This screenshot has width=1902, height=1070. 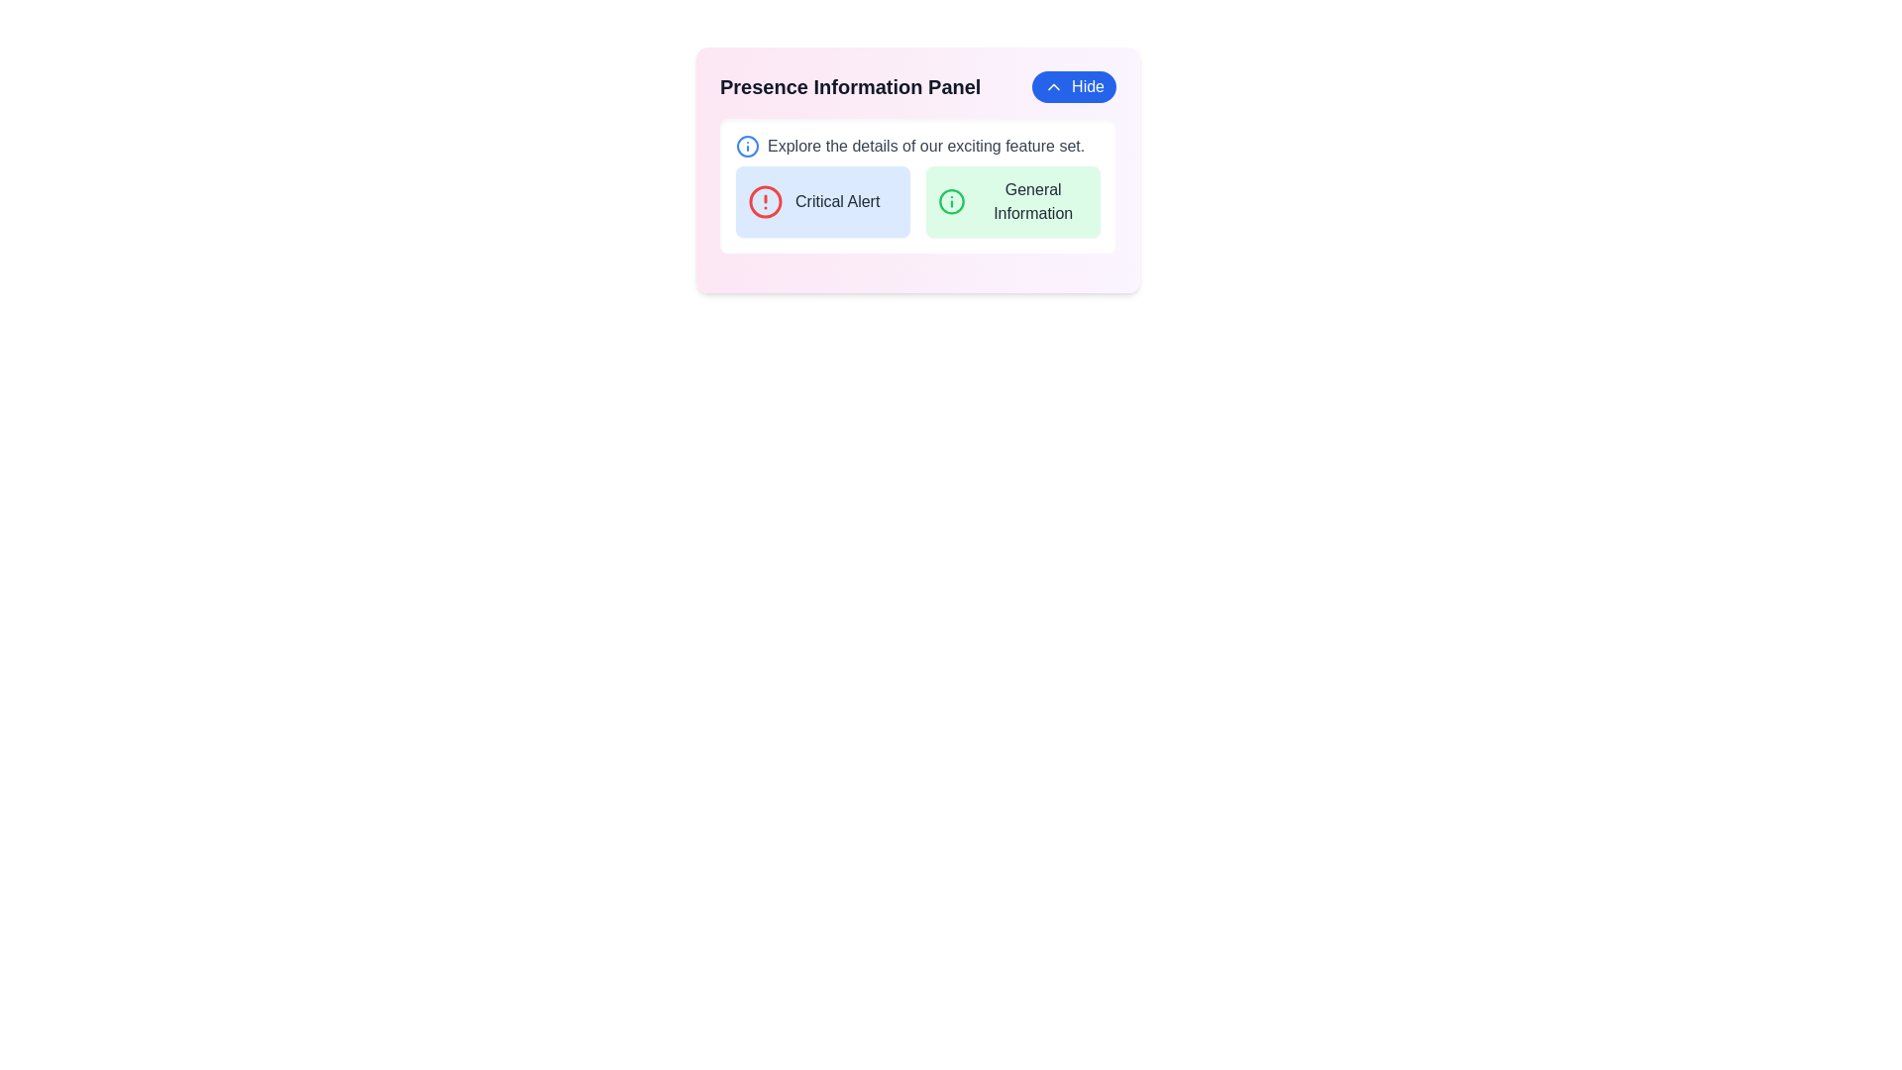 What do you see at coordinates (1073, 86) in the screenshot?
I see `the blue button with a white arrow icon pointing upwards and the text 'Hide'` at bounding box center [1073, 86].